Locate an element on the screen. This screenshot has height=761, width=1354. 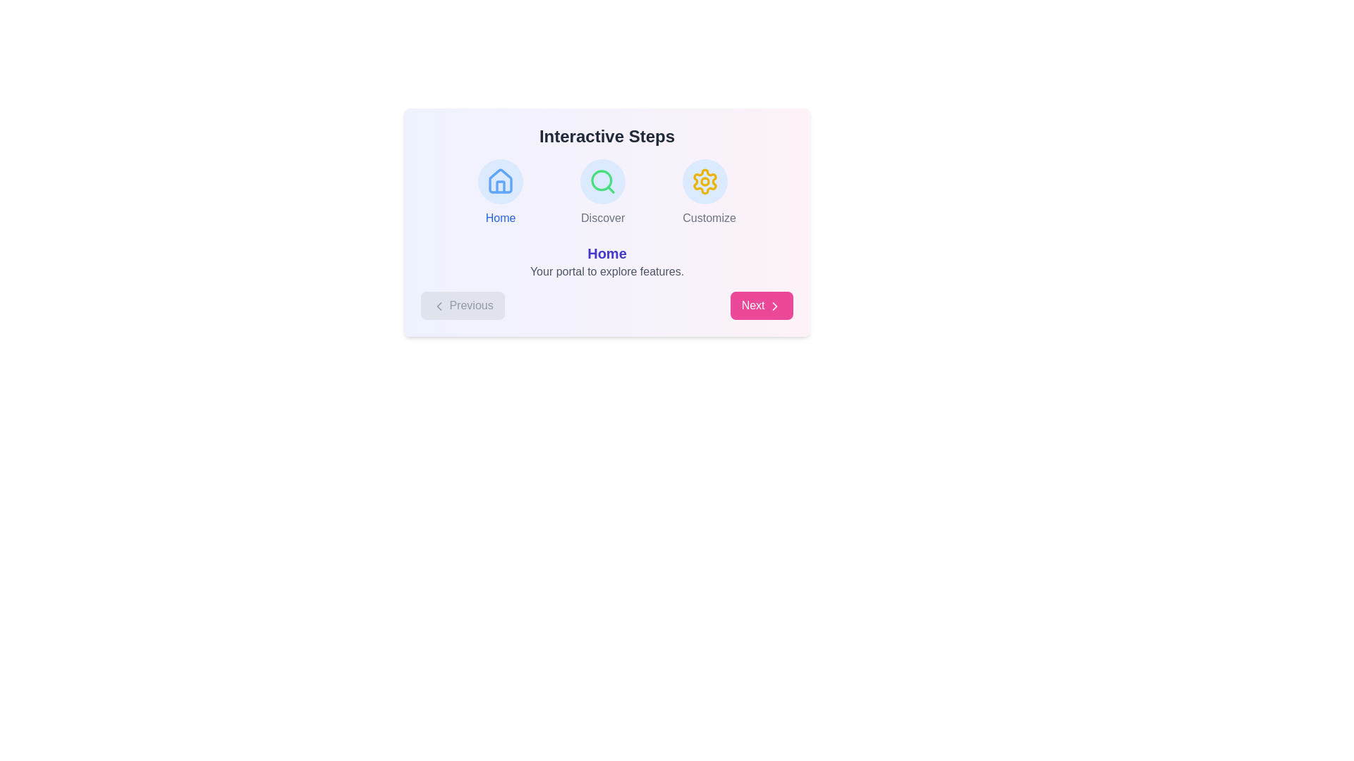
the 'Customize' icon, which is the third icon in a row of three, located to the right of the 'Discover' icon is located at coordinates (705, 181).